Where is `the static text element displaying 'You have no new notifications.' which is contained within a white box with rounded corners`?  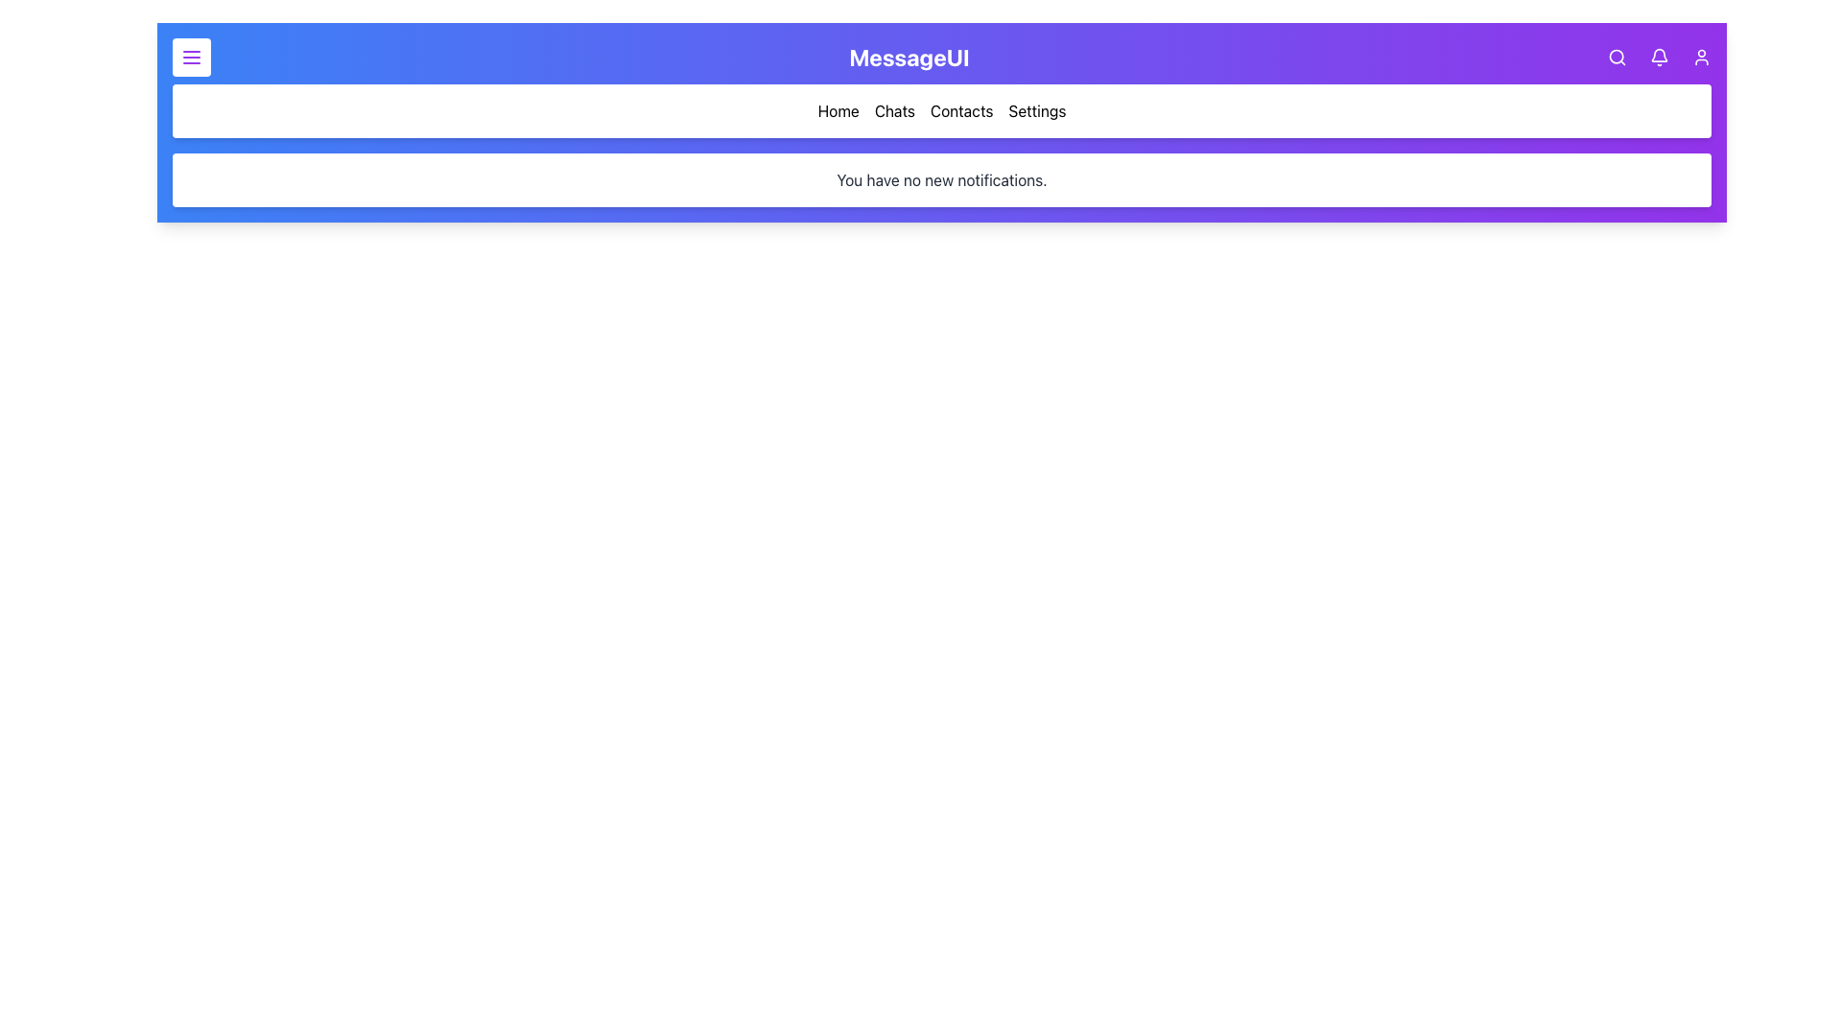
the static text element displaying 'You have no new notifications.' which is contained within a white box with rounded corners is located at coordinates (942, 180).